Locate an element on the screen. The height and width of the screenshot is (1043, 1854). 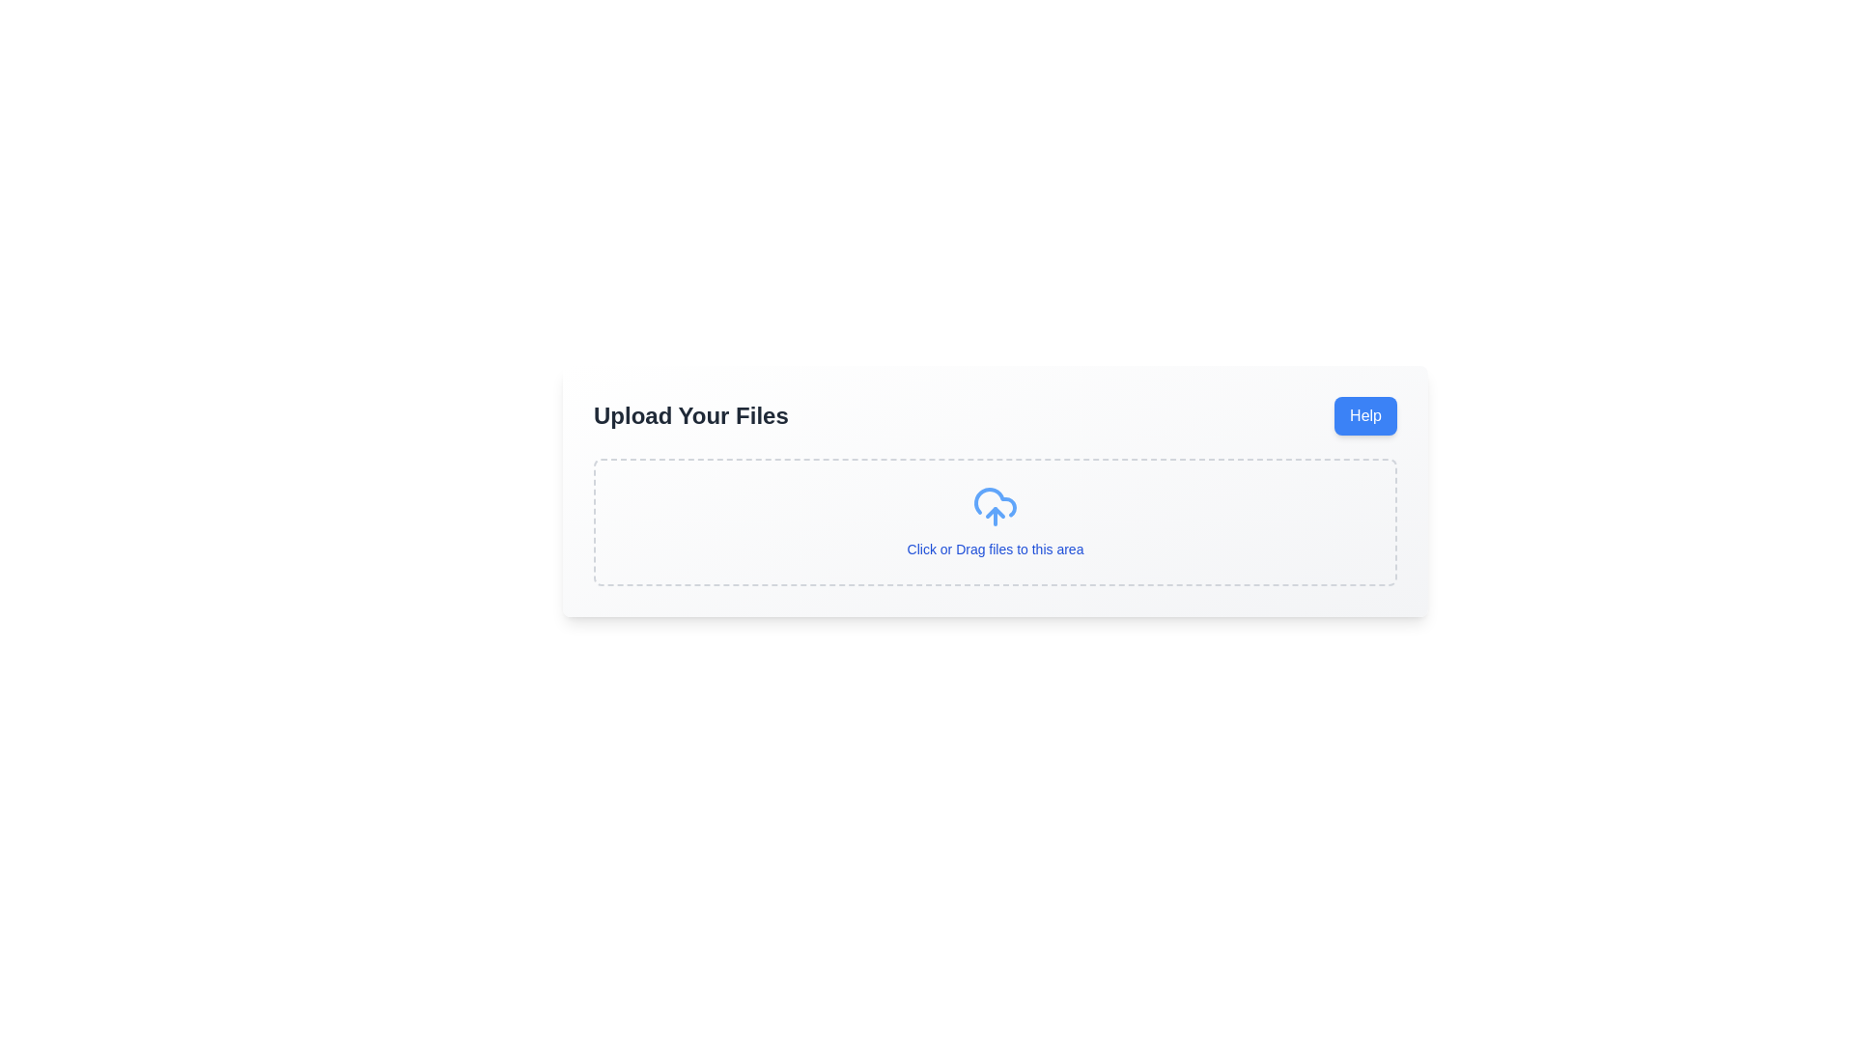
the Text label that informs the user about uploading files, which is positioned below a cloud upload icon and within a dashed border area is located at coordinates (996, 550).